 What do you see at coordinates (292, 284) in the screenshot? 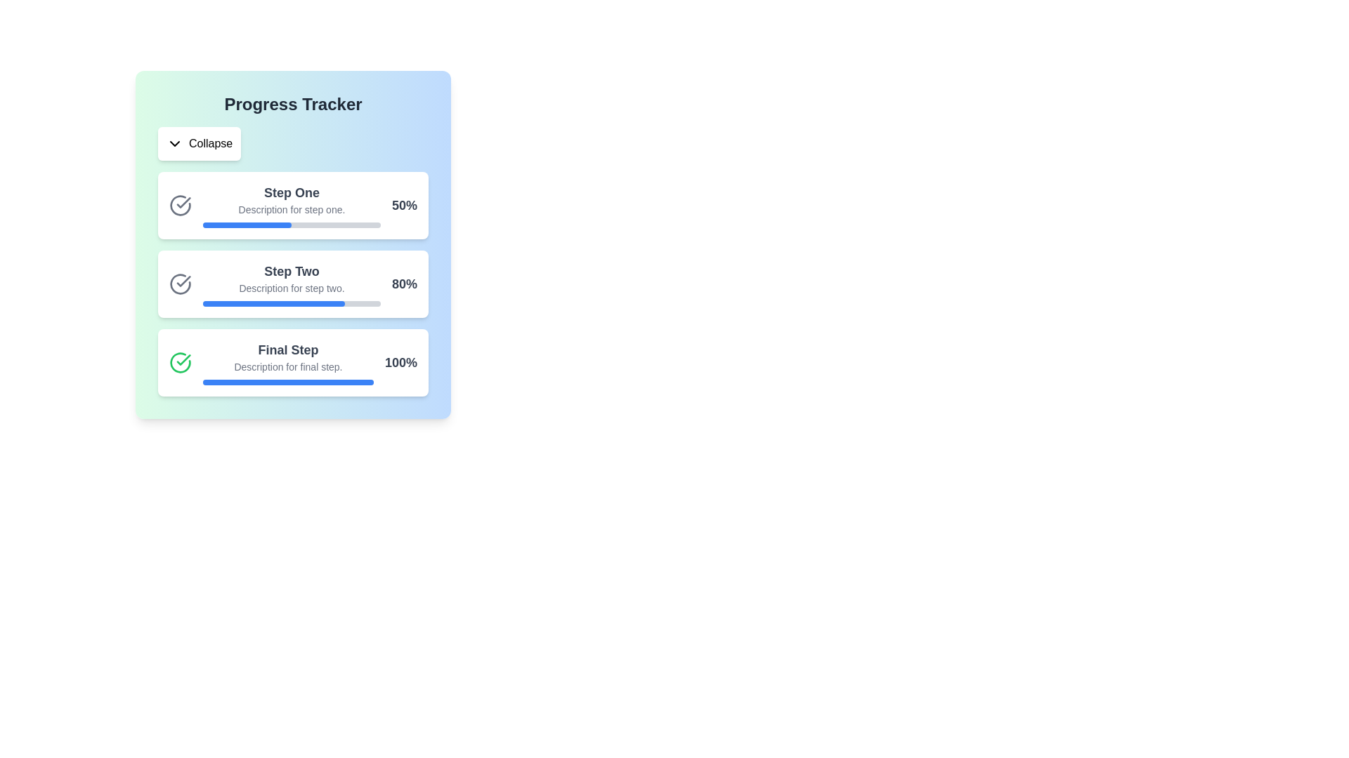
I see `the second progress indicator in the Progress Tracker section, which displays a step title, description, and percentage value` at bounding box center [292, 284].